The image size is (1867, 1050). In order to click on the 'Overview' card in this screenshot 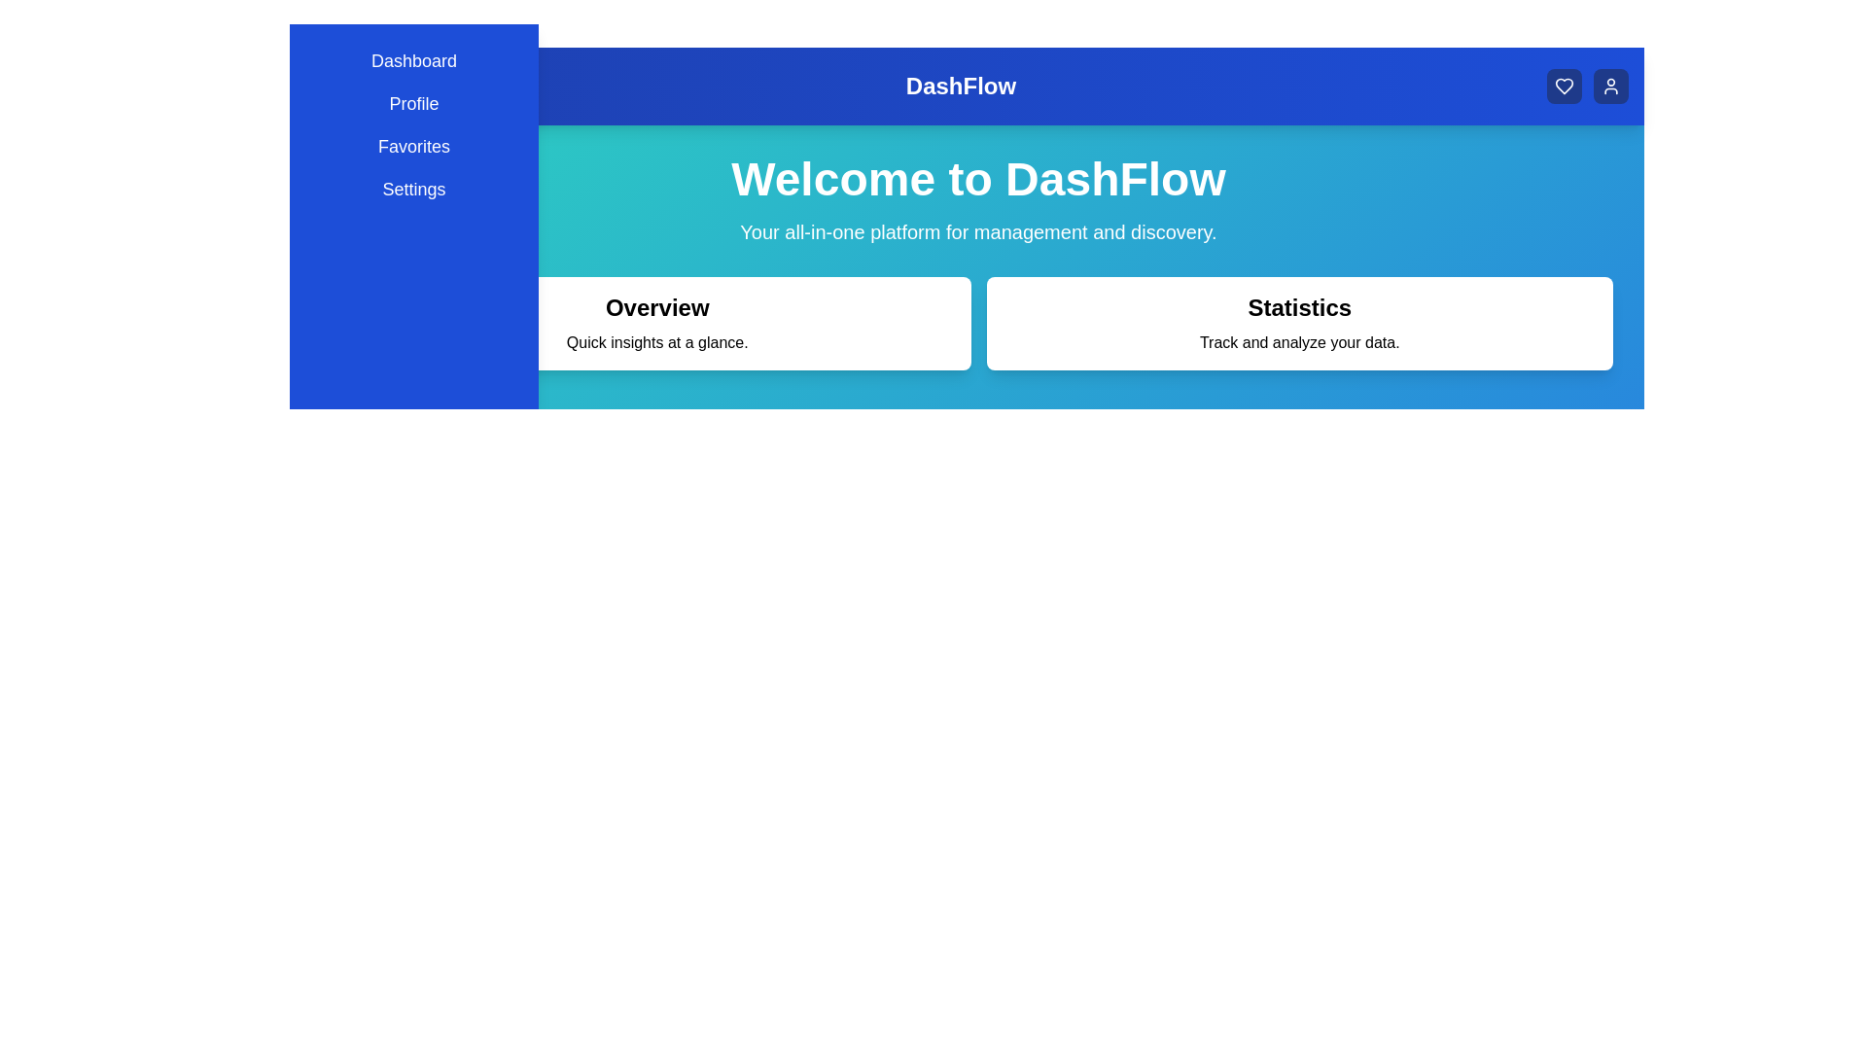, I will do `click(657, 322)`.